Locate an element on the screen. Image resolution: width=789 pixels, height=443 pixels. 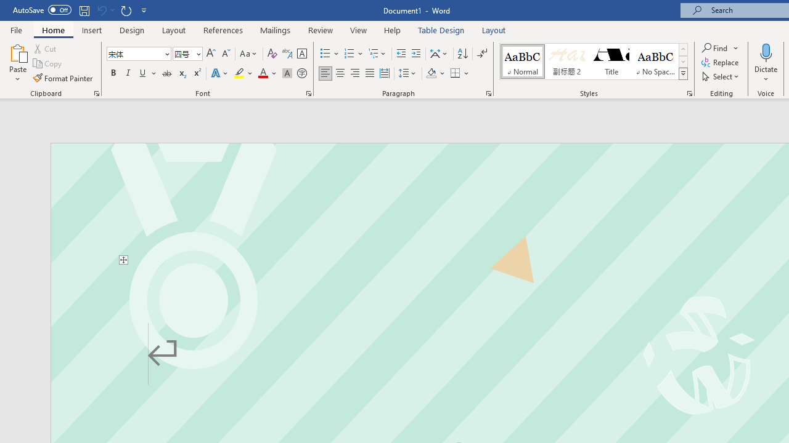
'Character Shading' is located at coordinates (286, 73).